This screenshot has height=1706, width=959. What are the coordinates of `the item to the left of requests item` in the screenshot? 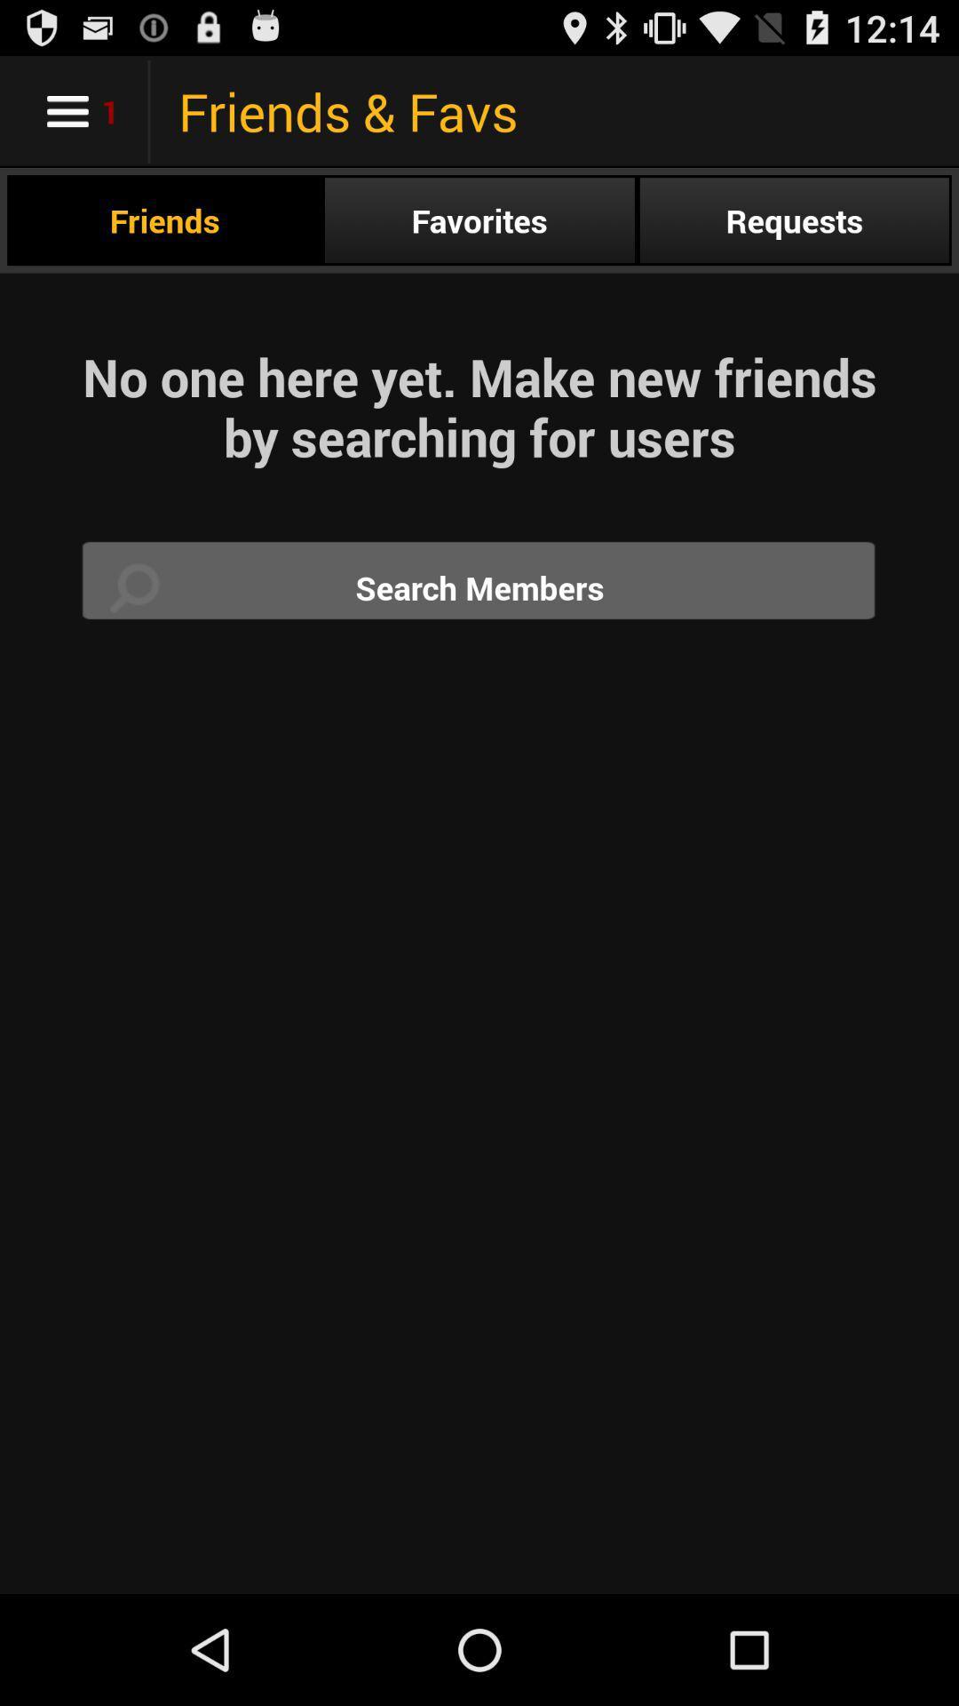 It's located at (479, 219).